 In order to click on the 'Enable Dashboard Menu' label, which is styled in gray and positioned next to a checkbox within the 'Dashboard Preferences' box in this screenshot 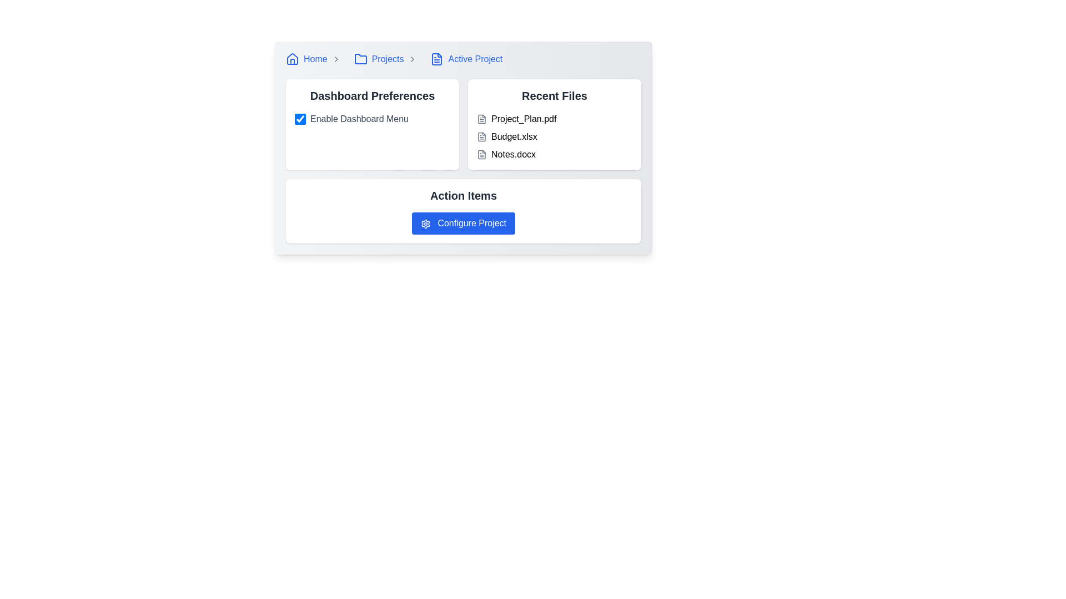, I will do `click(359, 119)`.